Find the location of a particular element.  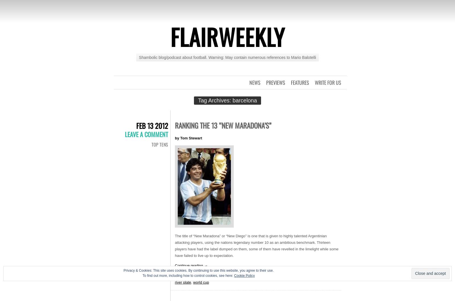

'To find out more, including how to control cookies, see here:' is located at coordinates (188, 276).